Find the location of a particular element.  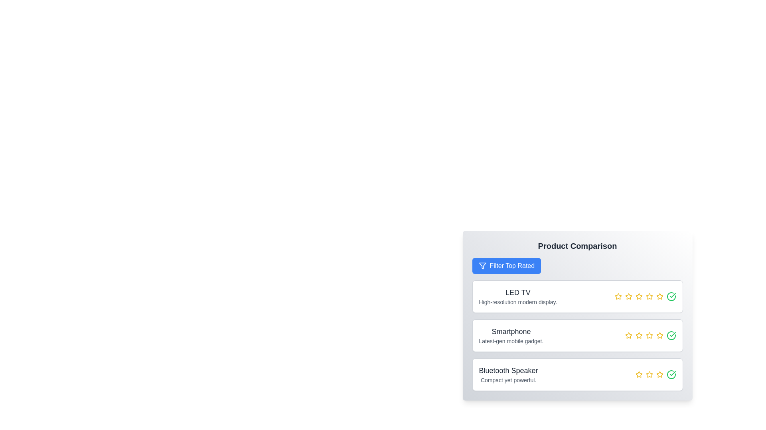

'Filter Top Rated' button to filter products with a rating of 4 or higher is located at coordinates (506, 266).